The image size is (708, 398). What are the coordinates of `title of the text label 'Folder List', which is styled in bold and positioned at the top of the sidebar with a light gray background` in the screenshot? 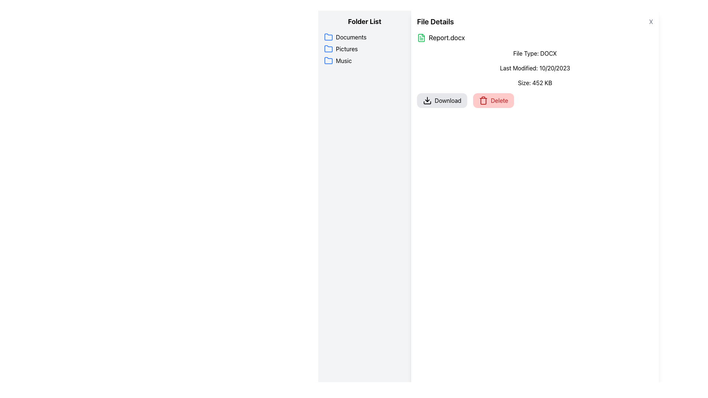 It's located at (364, 21).